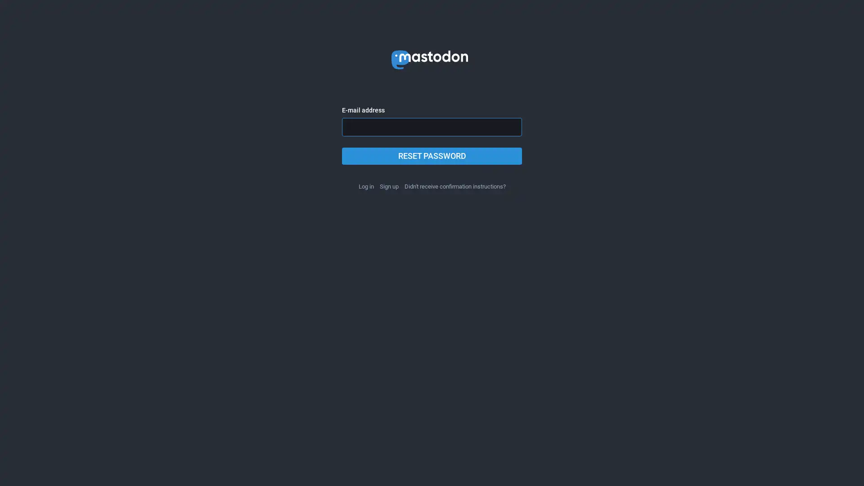  What do you see at coordinates (432, 156) in the screenshot?
I see `RESET PASSWORD` at bounding box center [432, 156].